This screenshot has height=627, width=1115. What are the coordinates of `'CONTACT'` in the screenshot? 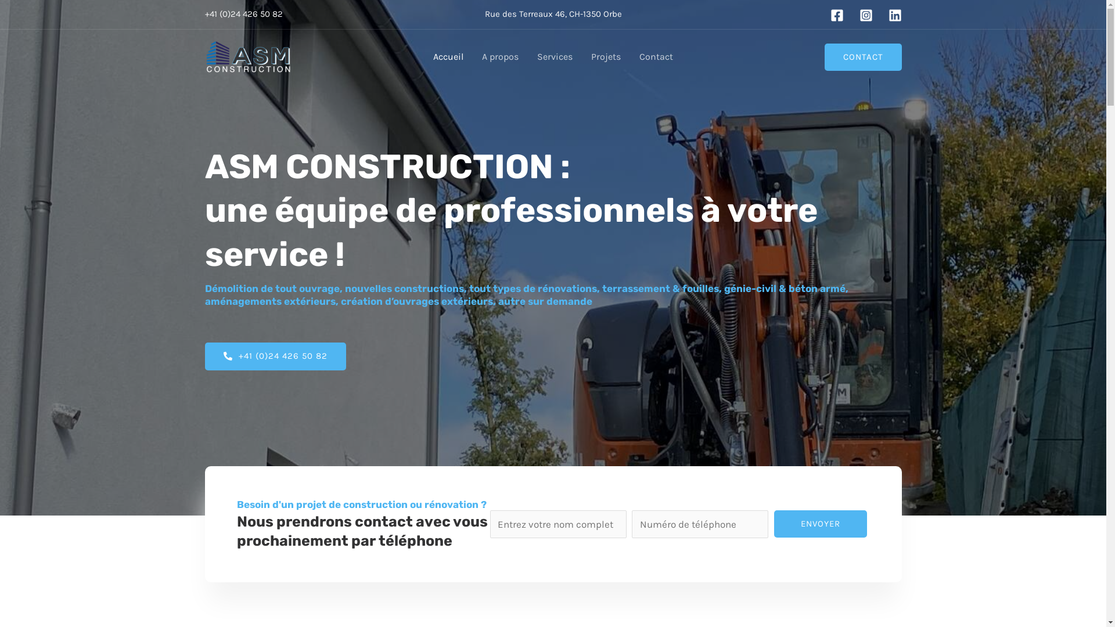 It's located at (863, 56).